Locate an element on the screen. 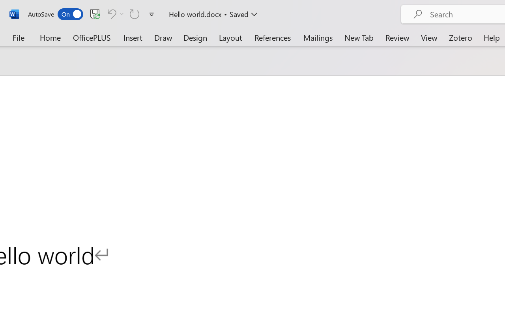 The width and height of the screenshot is (505, 316). 'OfficePLUS' is located at coordinates (92, 37).